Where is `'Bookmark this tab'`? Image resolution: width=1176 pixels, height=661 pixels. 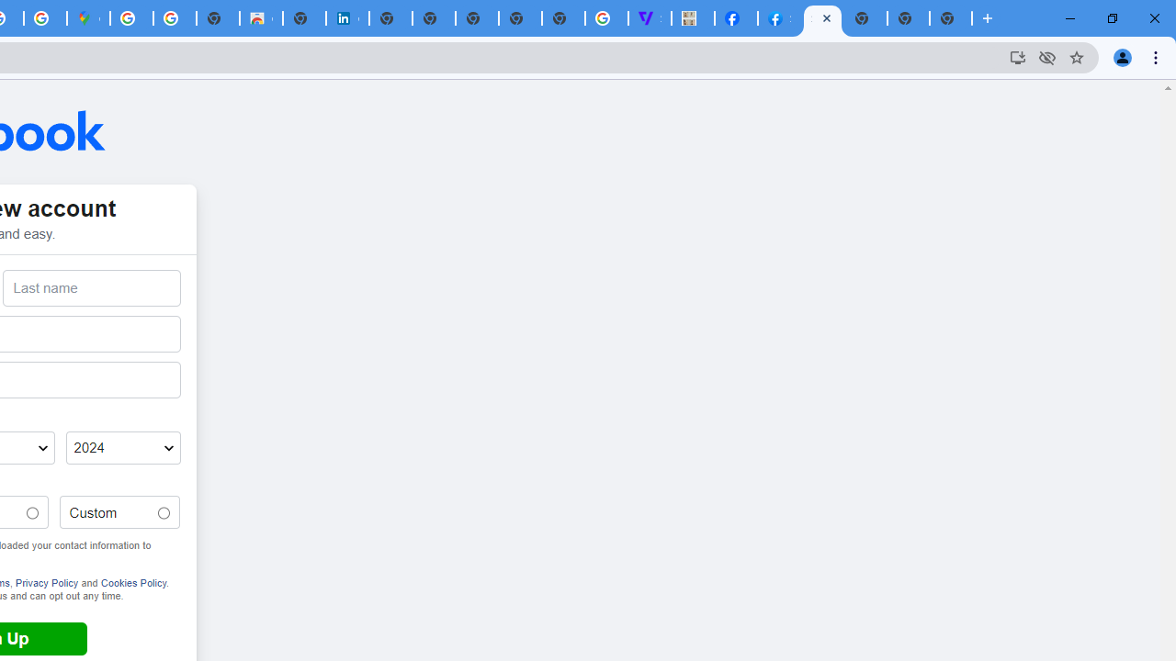 'Bookmark this tab' is located at coordinates (1076, 56).